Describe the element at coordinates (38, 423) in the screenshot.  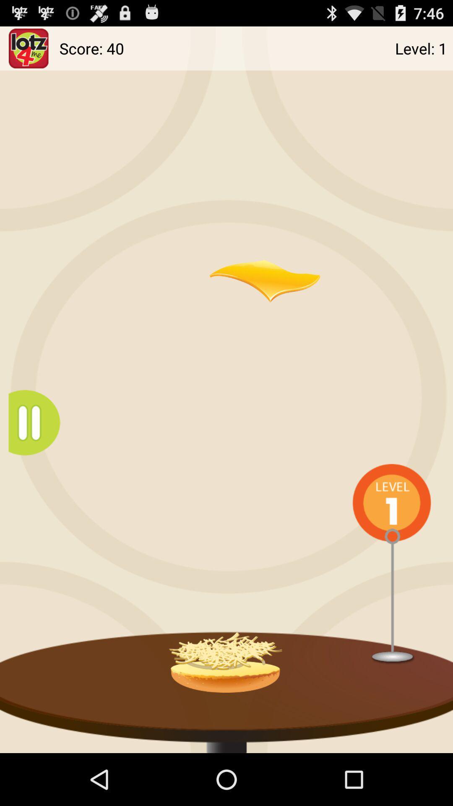
I see `pause the game` at that location.